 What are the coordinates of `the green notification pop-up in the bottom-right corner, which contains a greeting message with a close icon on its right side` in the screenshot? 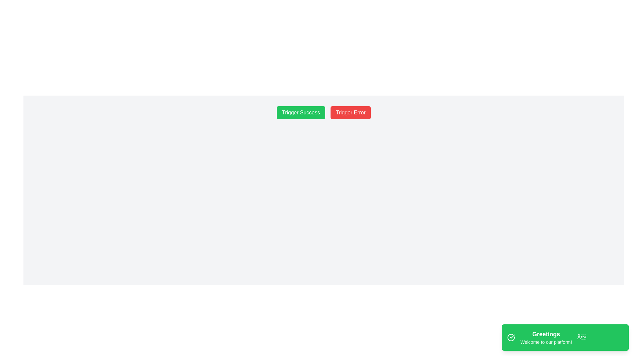 It's located at (565, 337).